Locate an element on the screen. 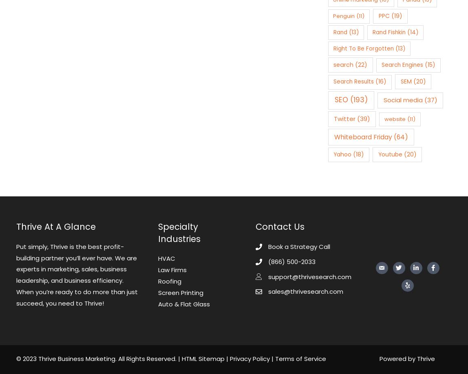 The width and height of the screenshot is (468, 374). 'Roofing' is located at coordinates (170, 280).